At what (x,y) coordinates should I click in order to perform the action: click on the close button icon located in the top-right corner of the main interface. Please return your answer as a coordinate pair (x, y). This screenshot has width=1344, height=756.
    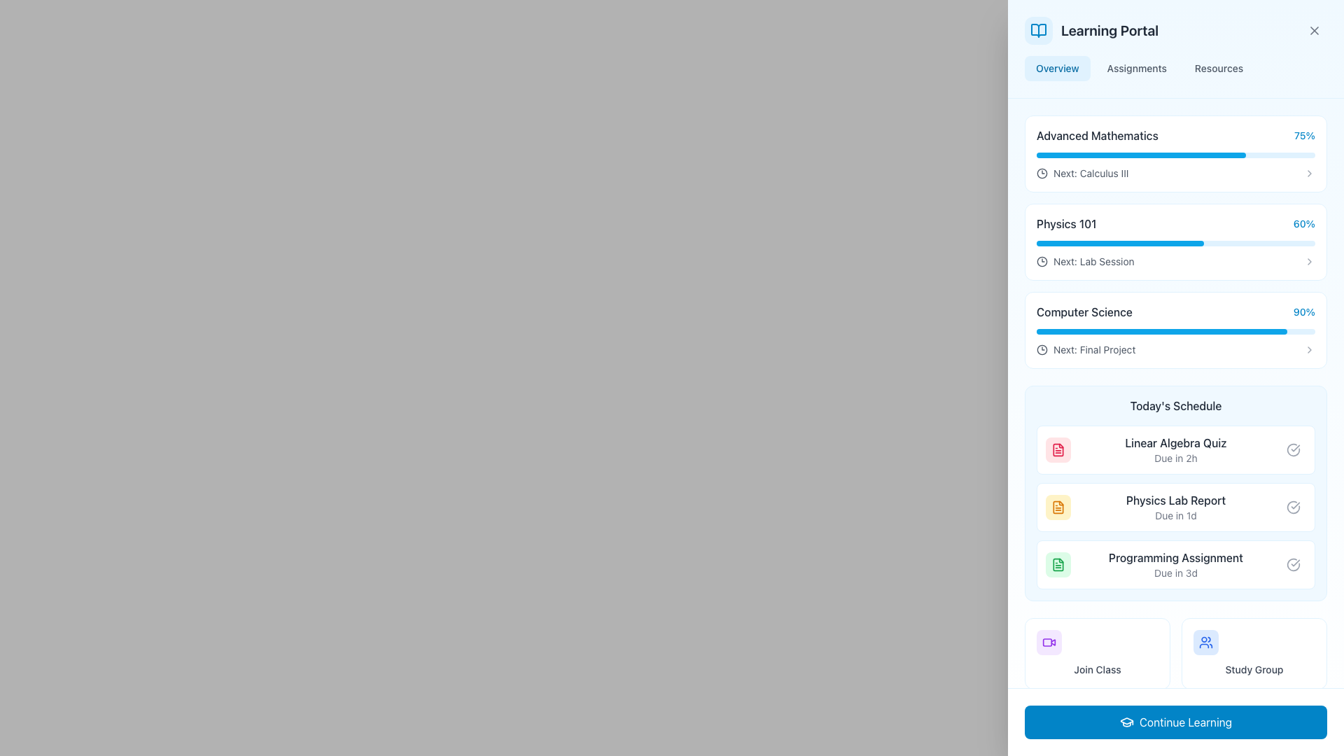
    Looking at the image, I should click on (1313, 30).